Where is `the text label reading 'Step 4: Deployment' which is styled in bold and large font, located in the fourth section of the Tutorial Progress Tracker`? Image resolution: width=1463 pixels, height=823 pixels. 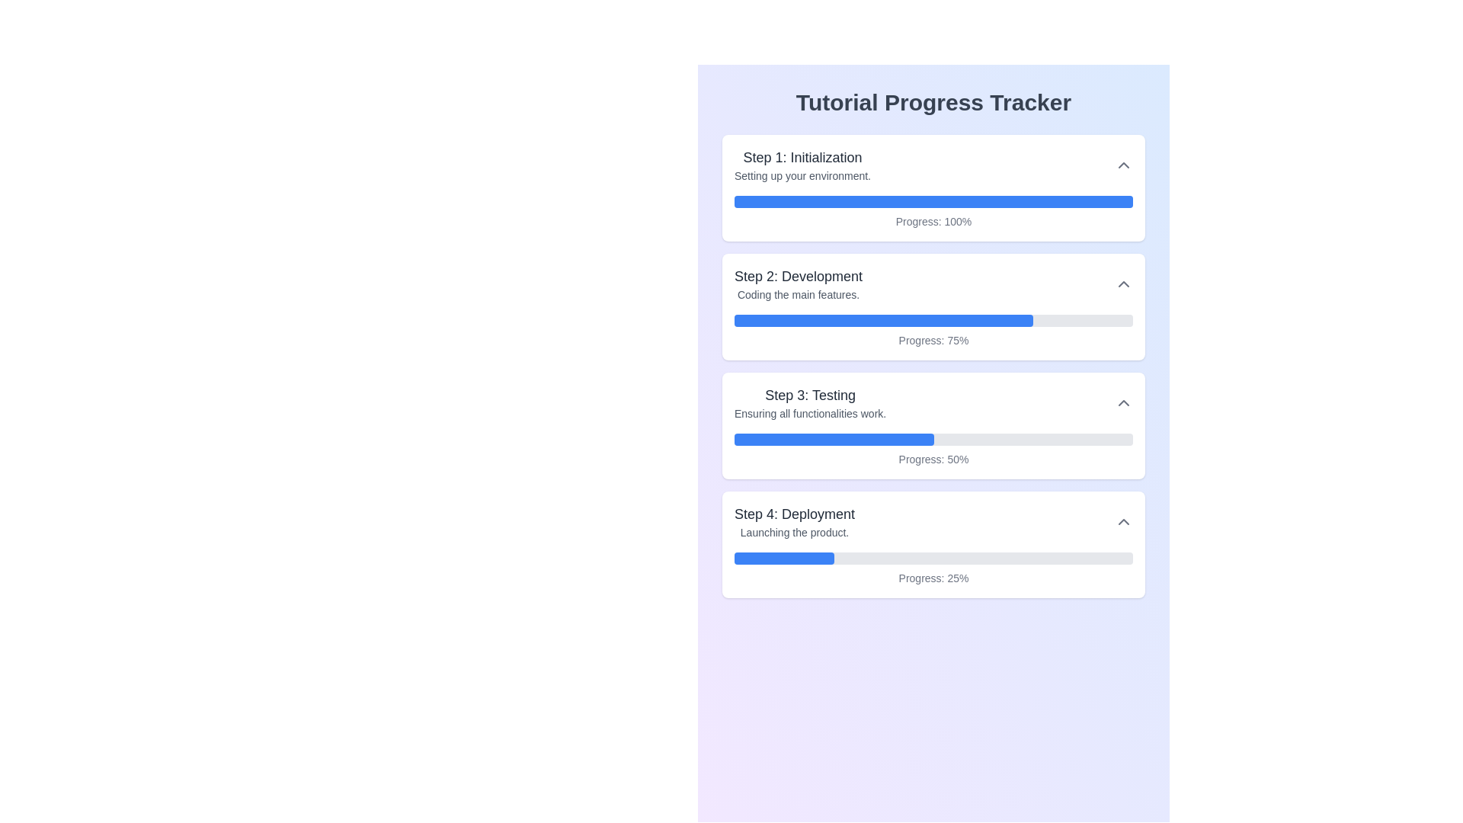
the text label reading 'Step 4: Deployment' which is styled in bold and large font, located in the fourth section of the Tutorial Progress Tracker is located at coordinates (794, 514).